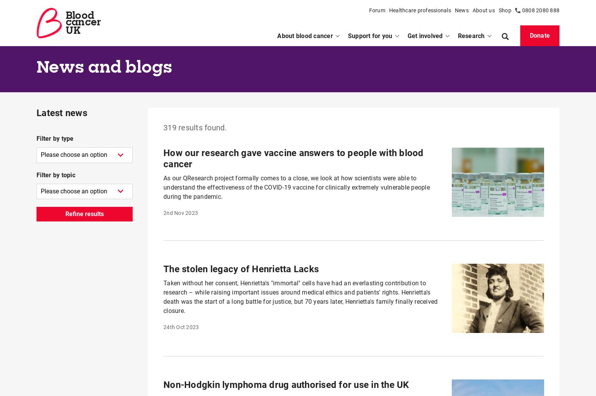 The height and width of the screenshot is (396, 596). Describe the element at coordinates (179, 261) in the screenshot. I see `'1st Sep 2023'` at that location.